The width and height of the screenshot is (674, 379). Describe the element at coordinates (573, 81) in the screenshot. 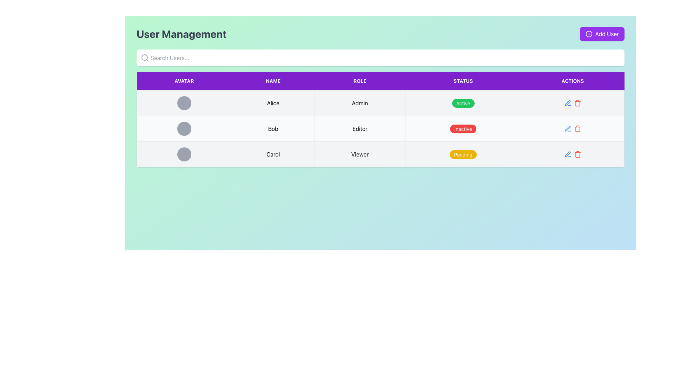

I see `static label text 'ACTIONS' which is displayed in uppercase letters with a purple background and white text, located in the fifth cell of the header row` at that location.